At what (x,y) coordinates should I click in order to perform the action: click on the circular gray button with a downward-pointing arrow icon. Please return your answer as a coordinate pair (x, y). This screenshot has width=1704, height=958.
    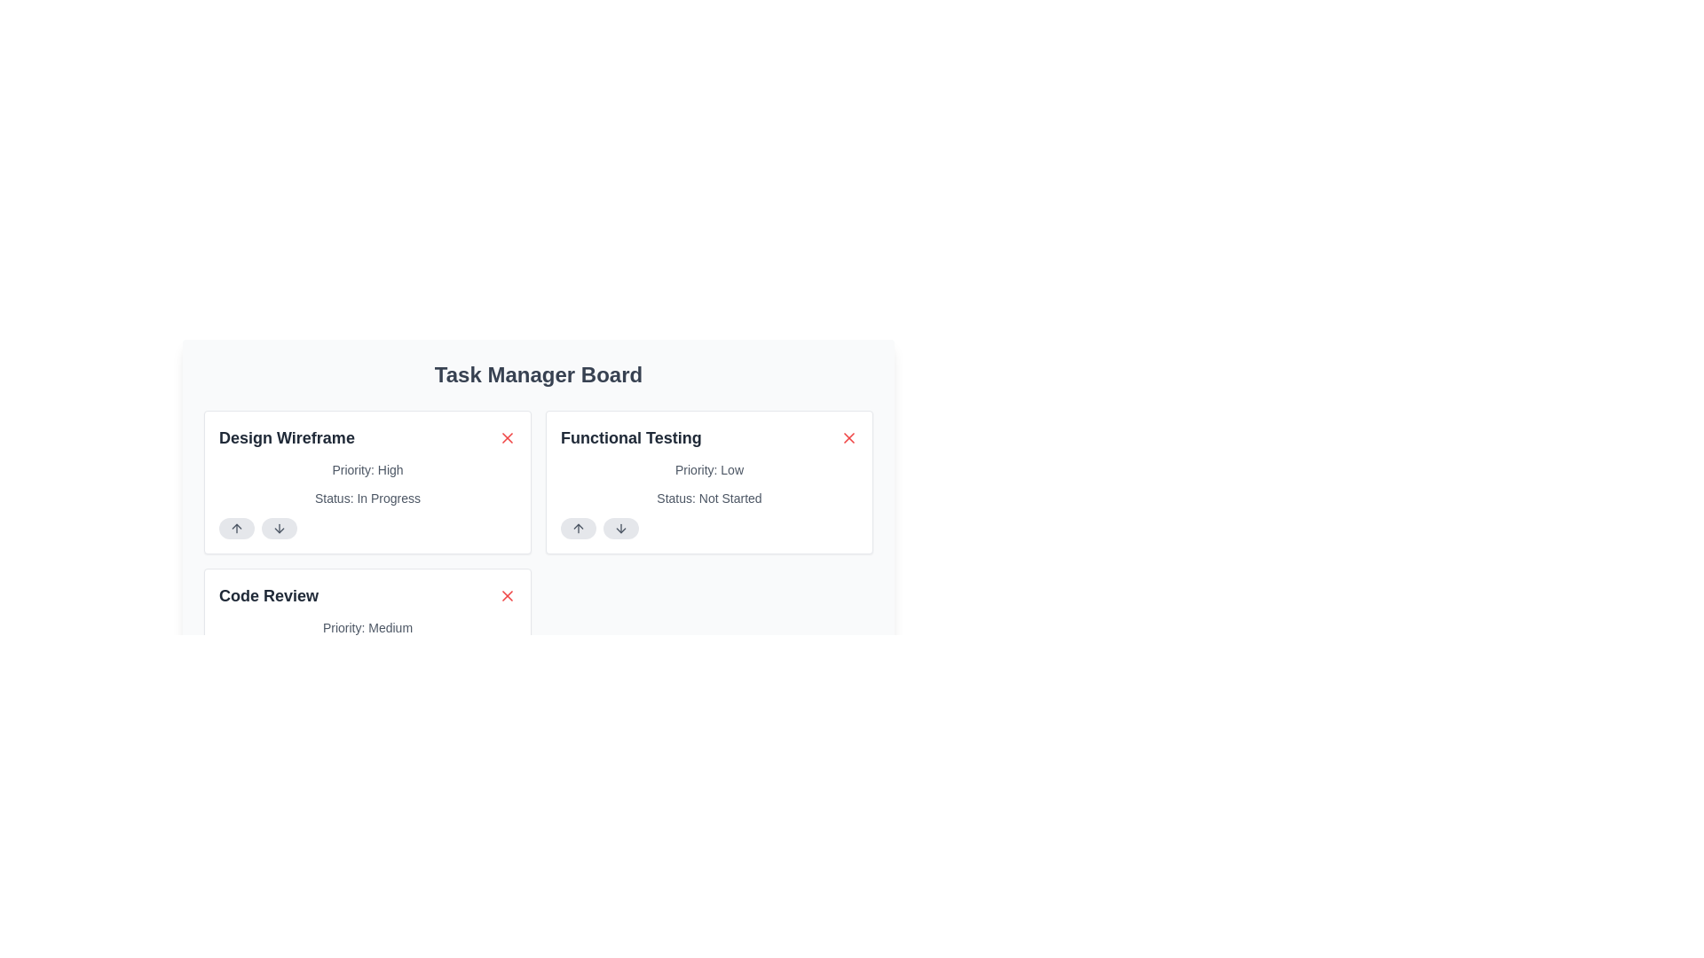
    Looking at the image, I should click on (621, 528).